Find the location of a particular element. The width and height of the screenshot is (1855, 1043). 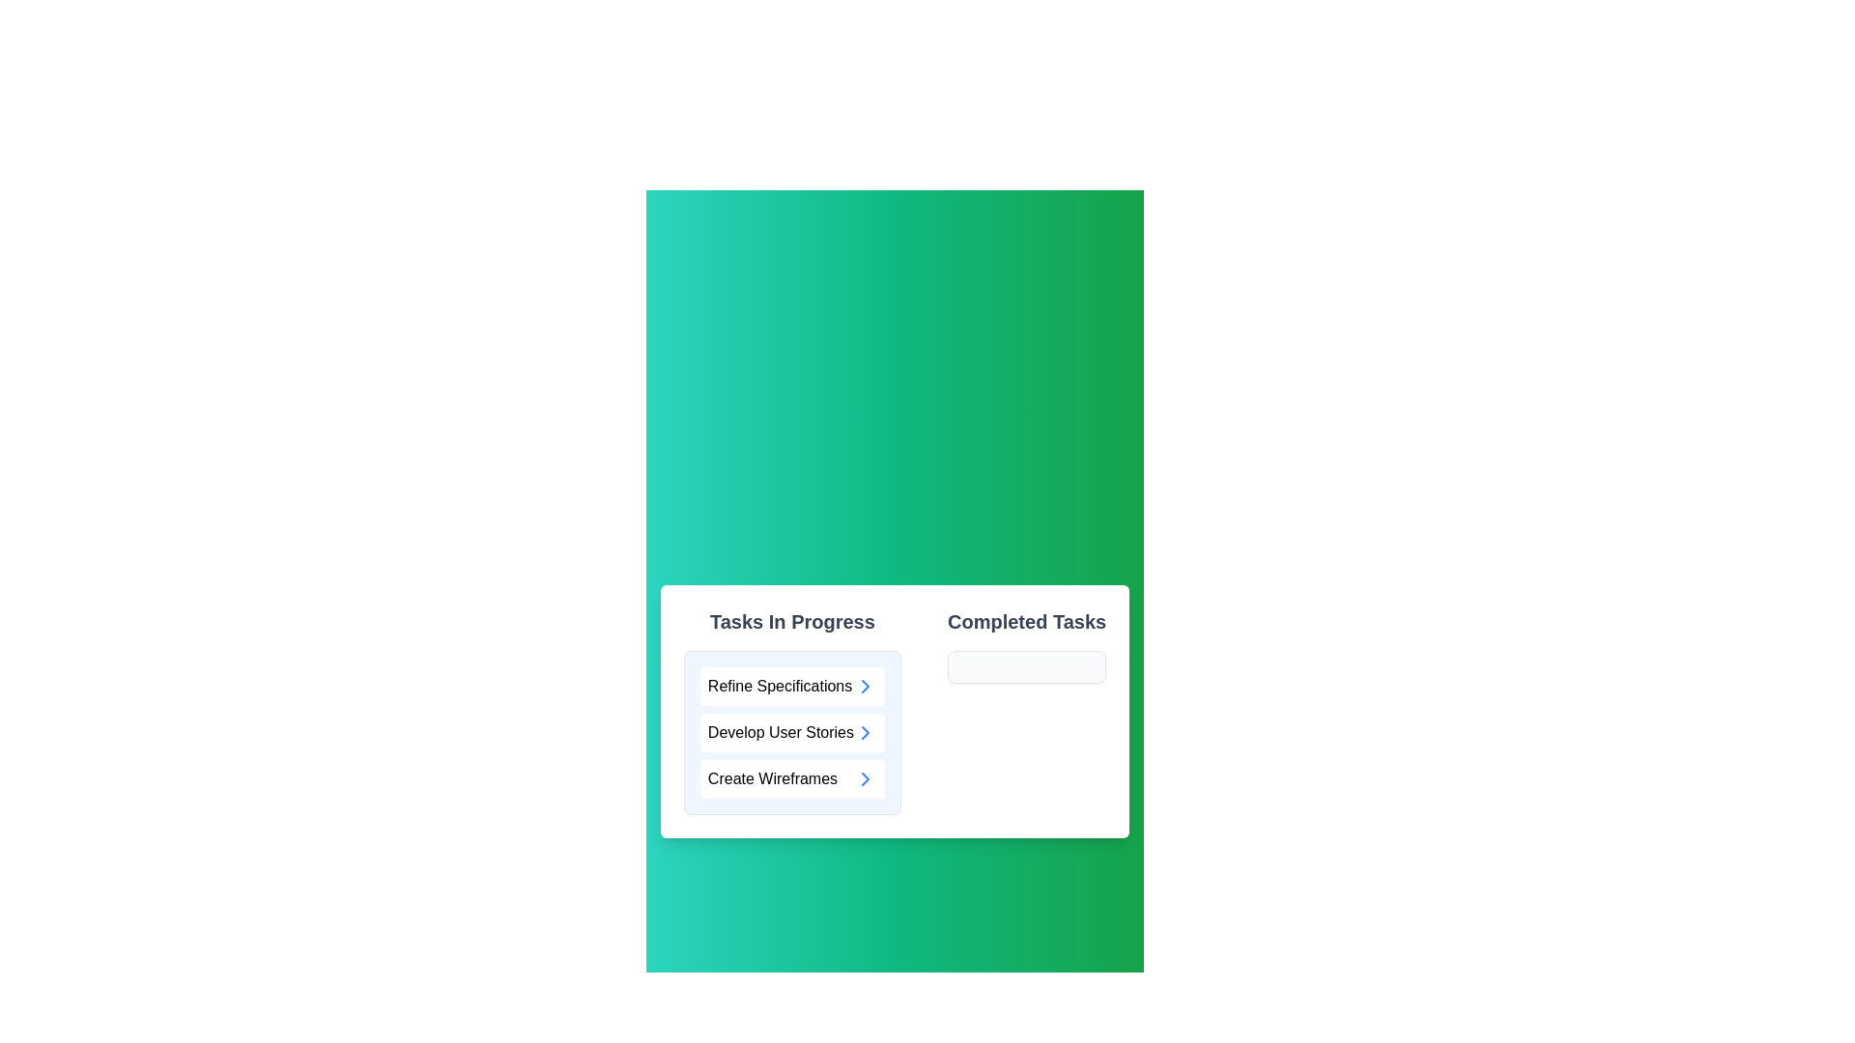

arrow icon next to the task 'Develop User Stories' in the 'Tasks In Progress' list to move it to 'Completed Tasks' is located at coordinates (865, 733).